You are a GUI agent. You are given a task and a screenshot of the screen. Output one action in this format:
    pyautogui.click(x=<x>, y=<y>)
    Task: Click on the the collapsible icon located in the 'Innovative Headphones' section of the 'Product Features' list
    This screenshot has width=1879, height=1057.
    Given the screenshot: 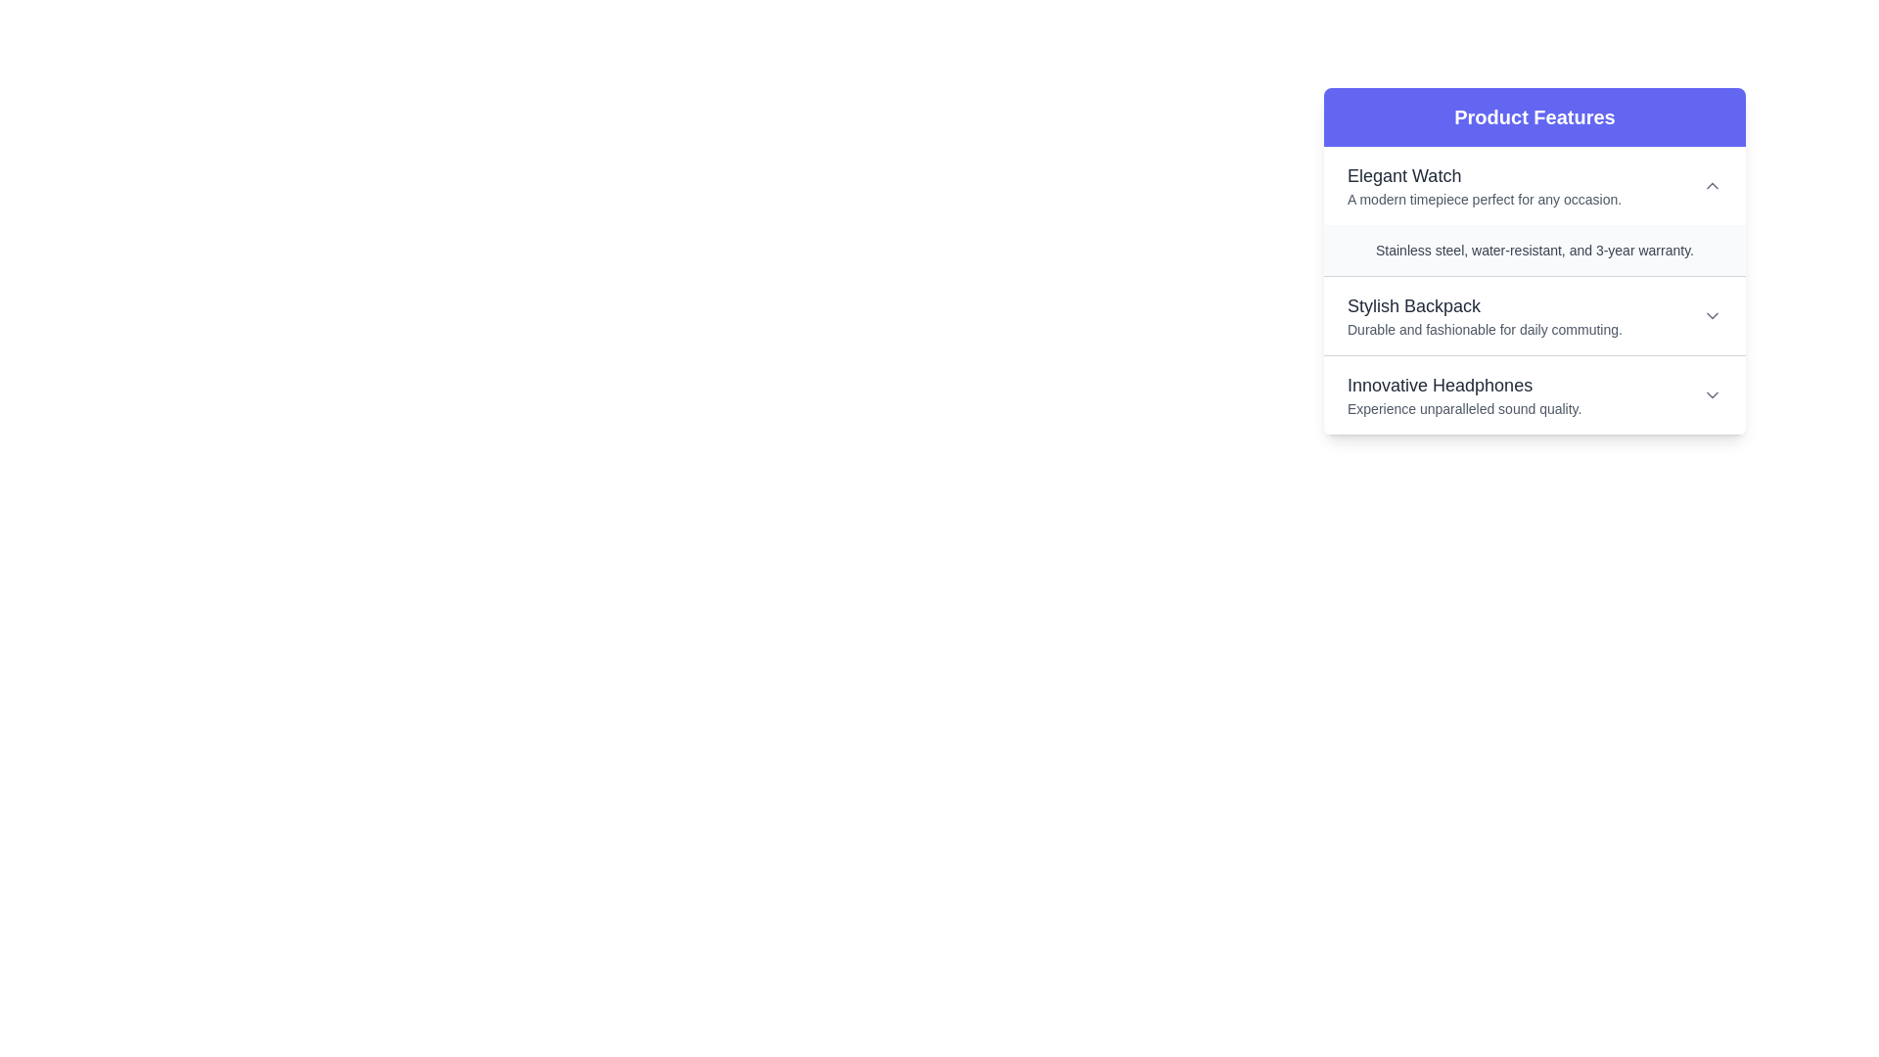 What is the action you would take?
    pyautogui.click(x=1712, y=395)
    